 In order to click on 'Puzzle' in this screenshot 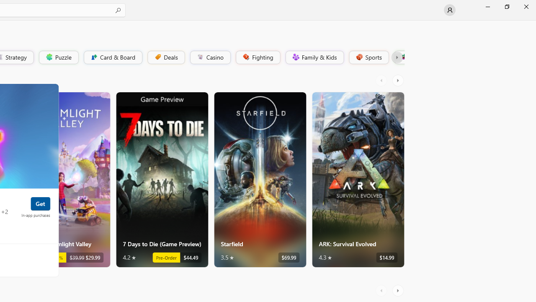, I will do `click(58, 57)`.